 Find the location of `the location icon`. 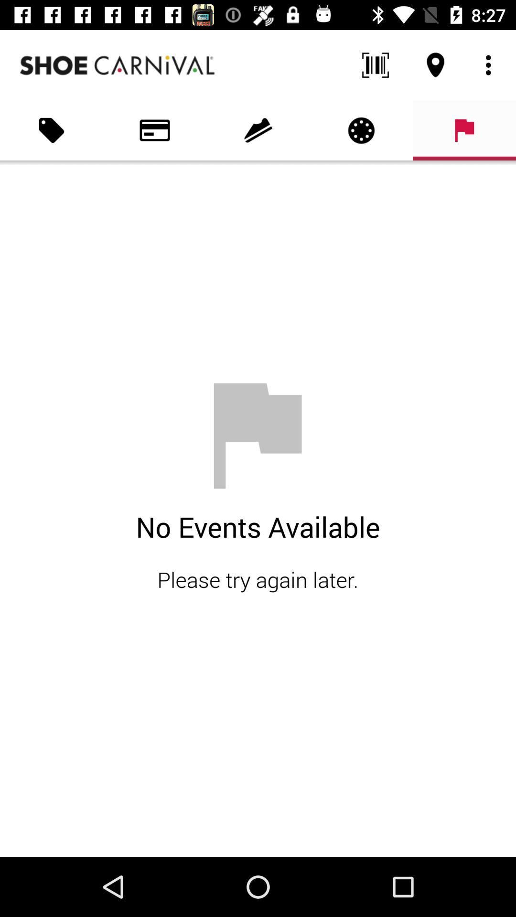

the location icon is located at coordinates (435, 65).